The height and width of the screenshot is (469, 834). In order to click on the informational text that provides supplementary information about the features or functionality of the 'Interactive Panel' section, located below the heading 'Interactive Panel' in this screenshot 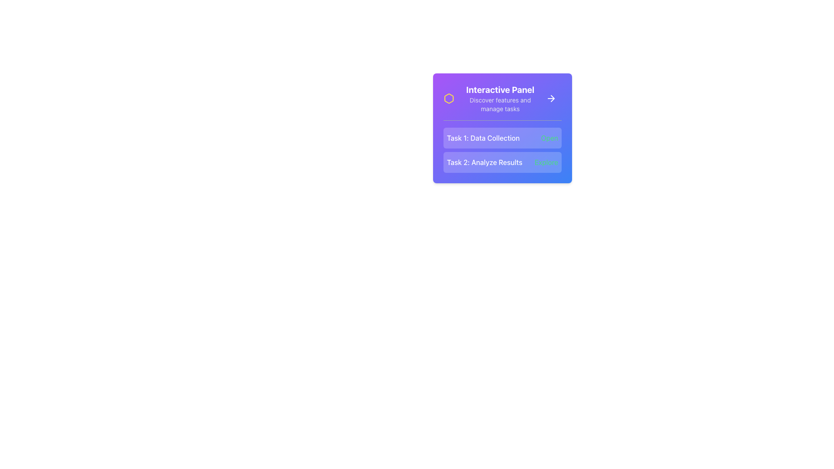, I will do `click(500, 104)`.